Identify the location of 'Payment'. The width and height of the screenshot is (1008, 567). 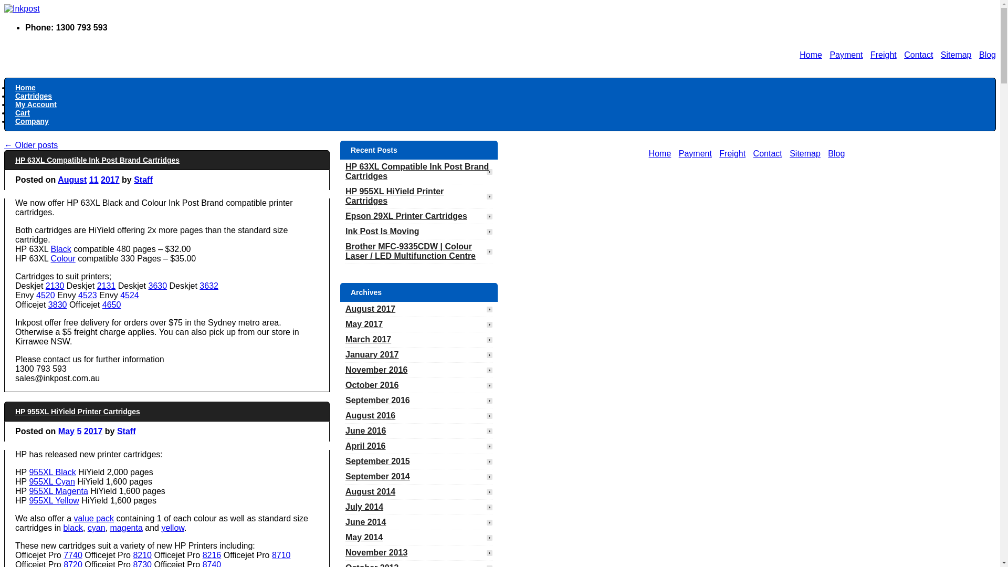
(678, 153).